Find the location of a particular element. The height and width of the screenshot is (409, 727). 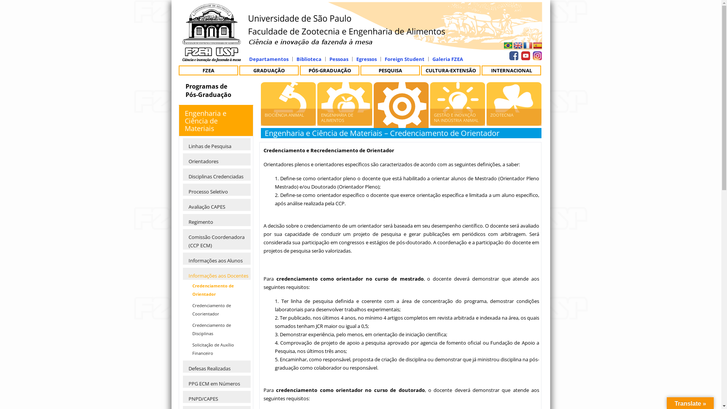

'English' is located at coordinates (518, 45).